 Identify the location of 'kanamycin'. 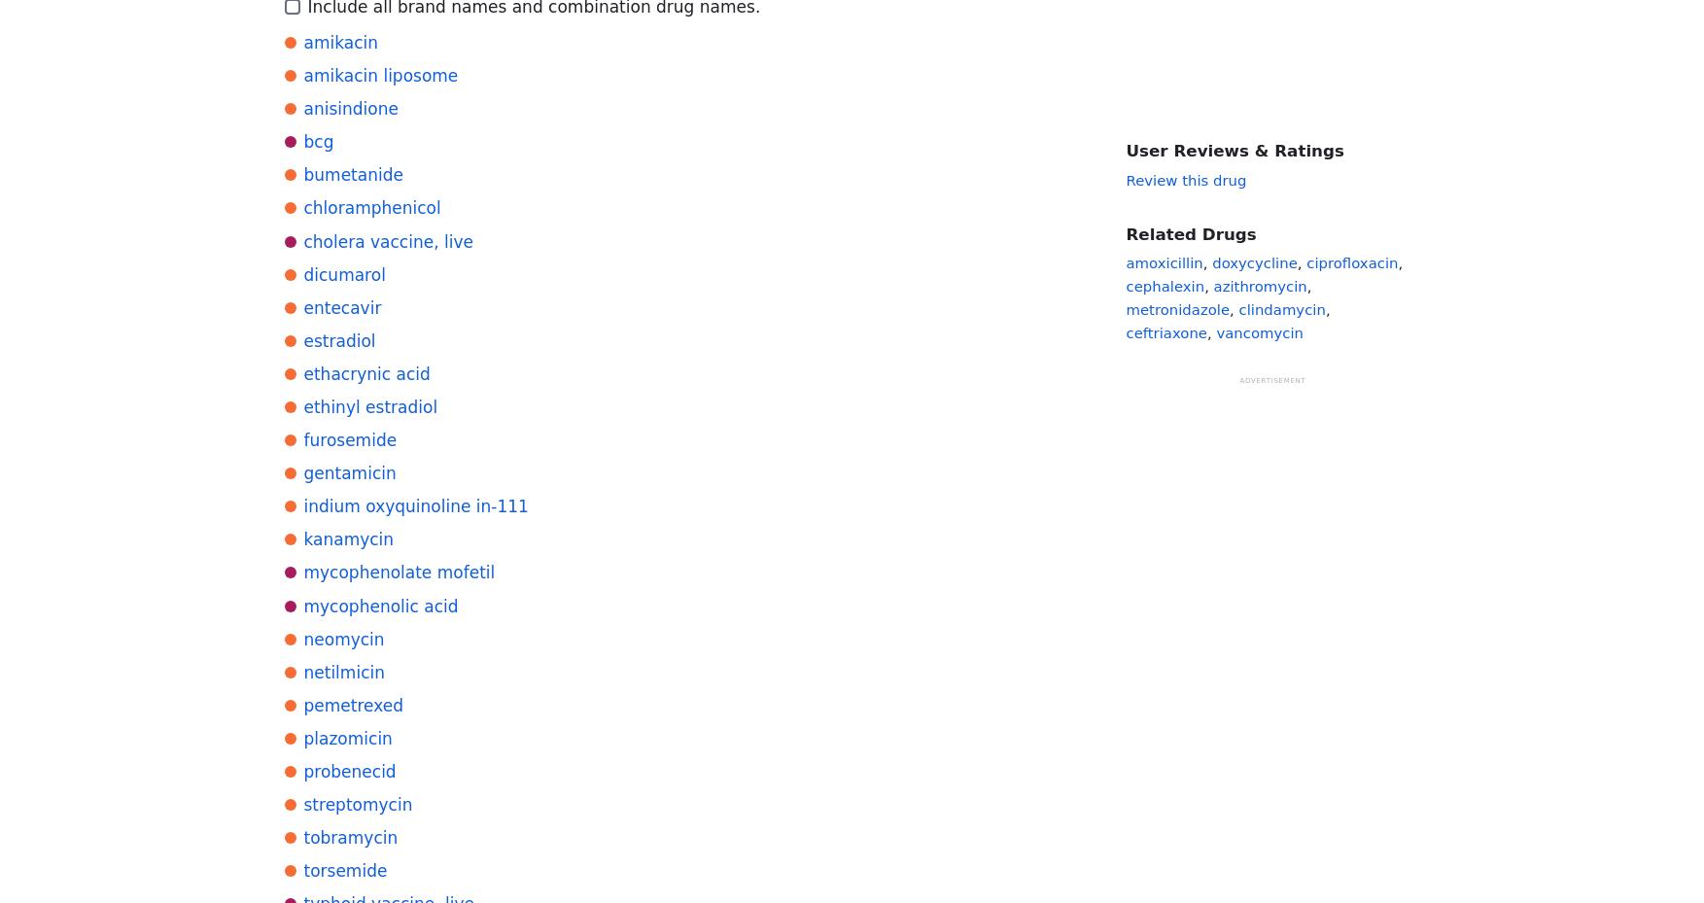
(302, 538).